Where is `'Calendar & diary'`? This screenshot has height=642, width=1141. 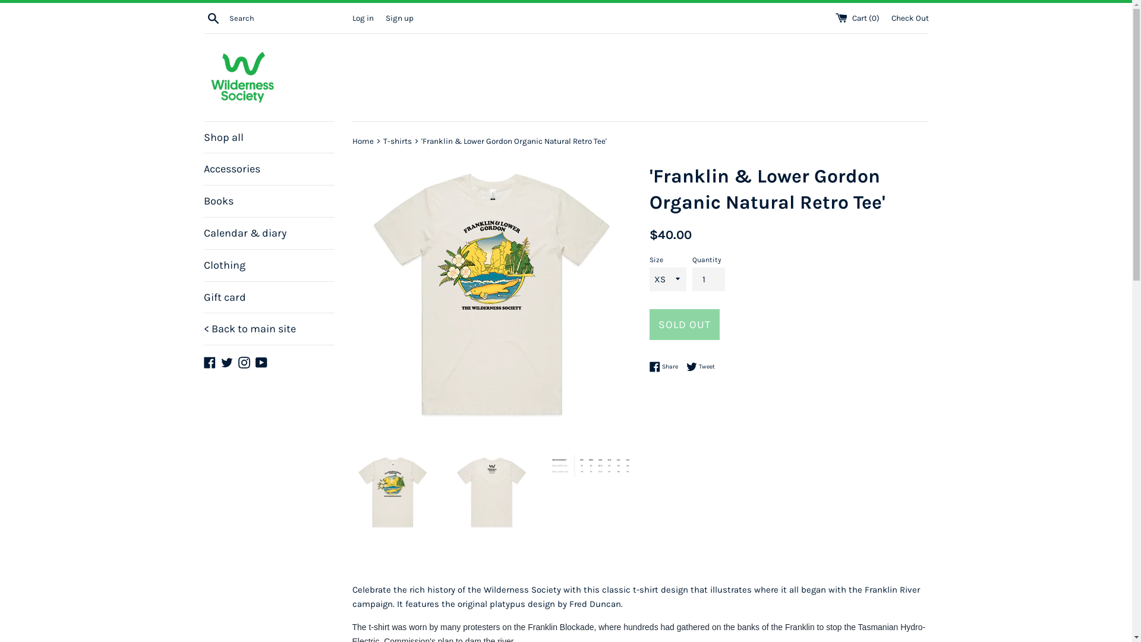
'Calendar & diary' is located at coordinates (203, 233).